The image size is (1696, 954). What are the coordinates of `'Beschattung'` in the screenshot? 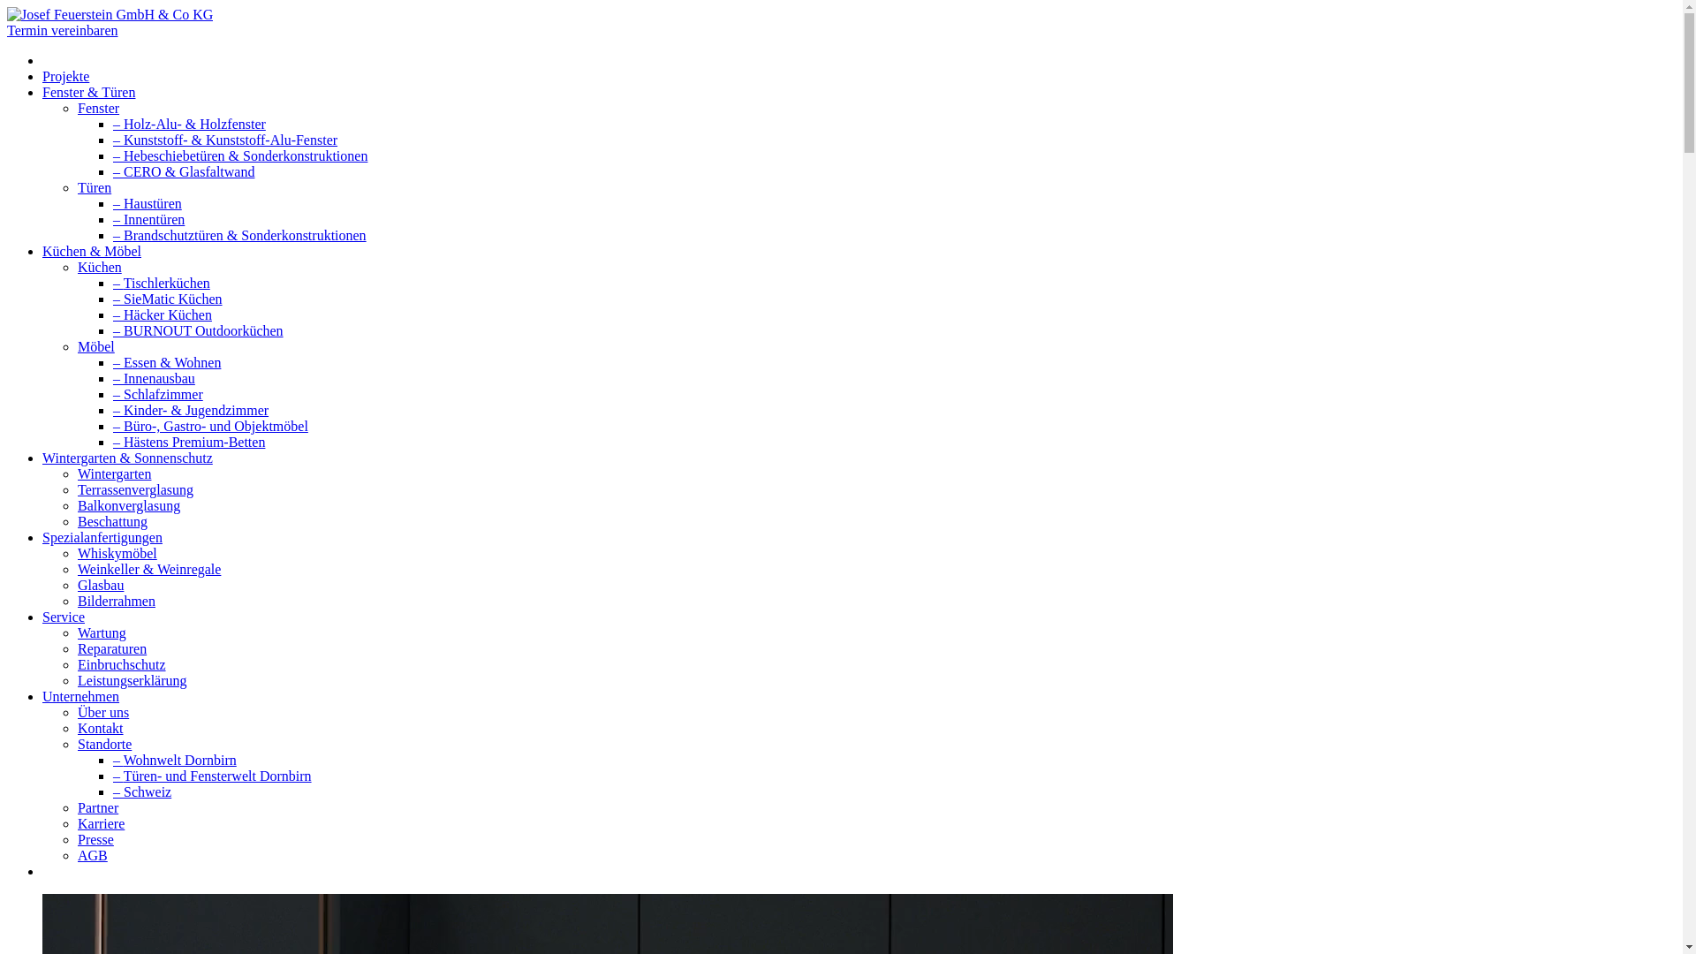 It's located at (111, 520).